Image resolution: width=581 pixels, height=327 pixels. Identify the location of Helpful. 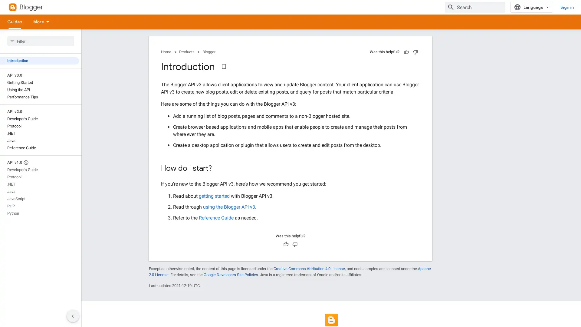
(286, 244).